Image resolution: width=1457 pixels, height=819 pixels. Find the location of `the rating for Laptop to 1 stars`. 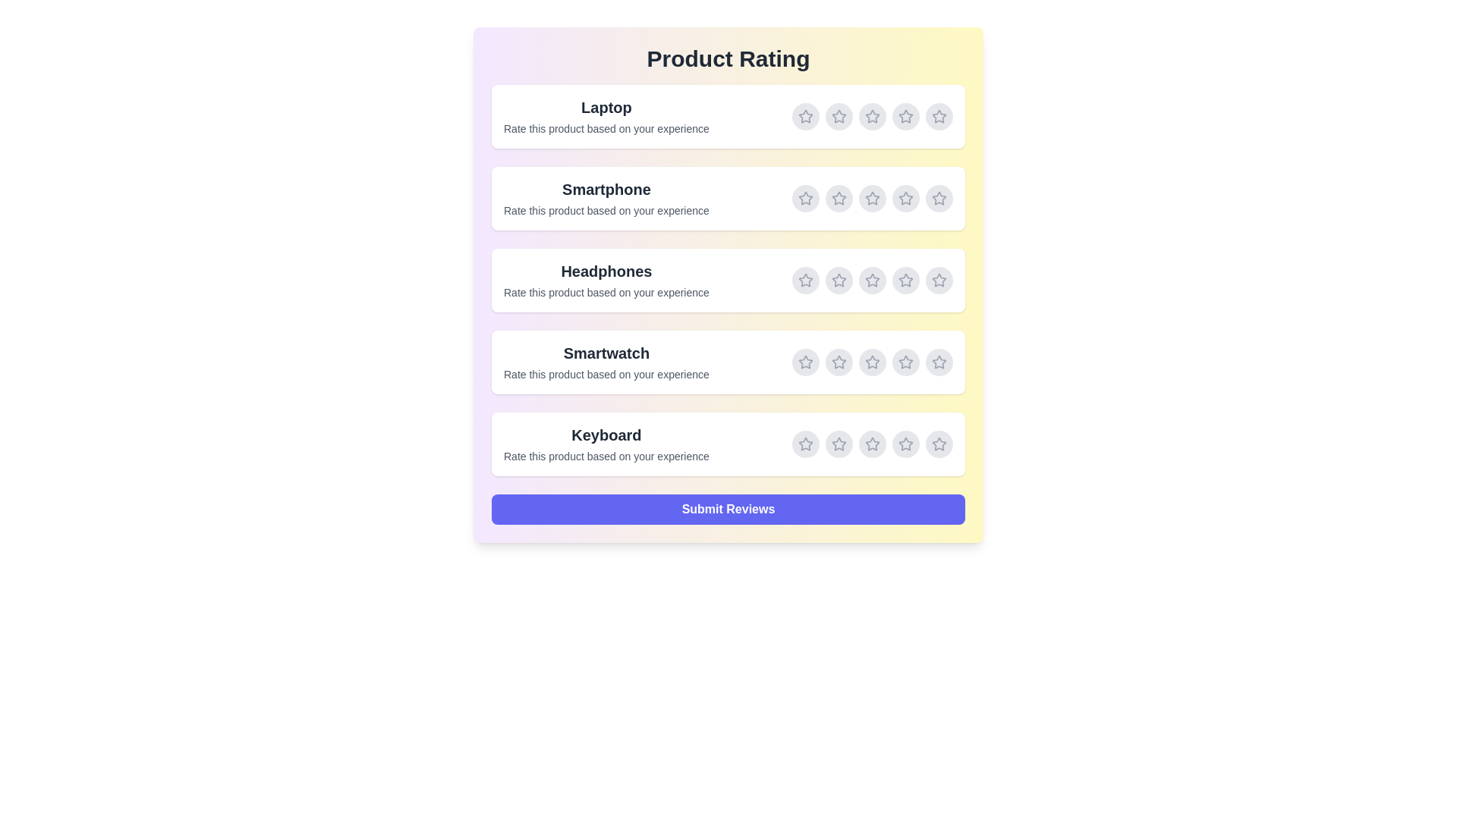

the rating for Laptop to 1 stars is located at coordinates (804, 116).